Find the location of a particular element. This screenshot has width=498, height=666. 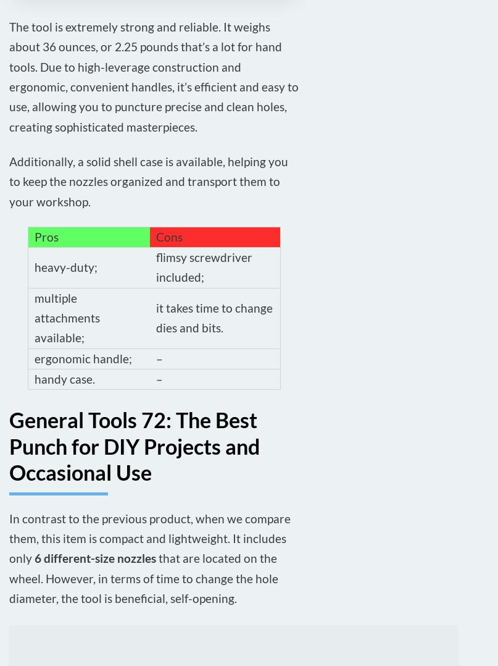

'handy case.' is located at coordinates (64, 378).